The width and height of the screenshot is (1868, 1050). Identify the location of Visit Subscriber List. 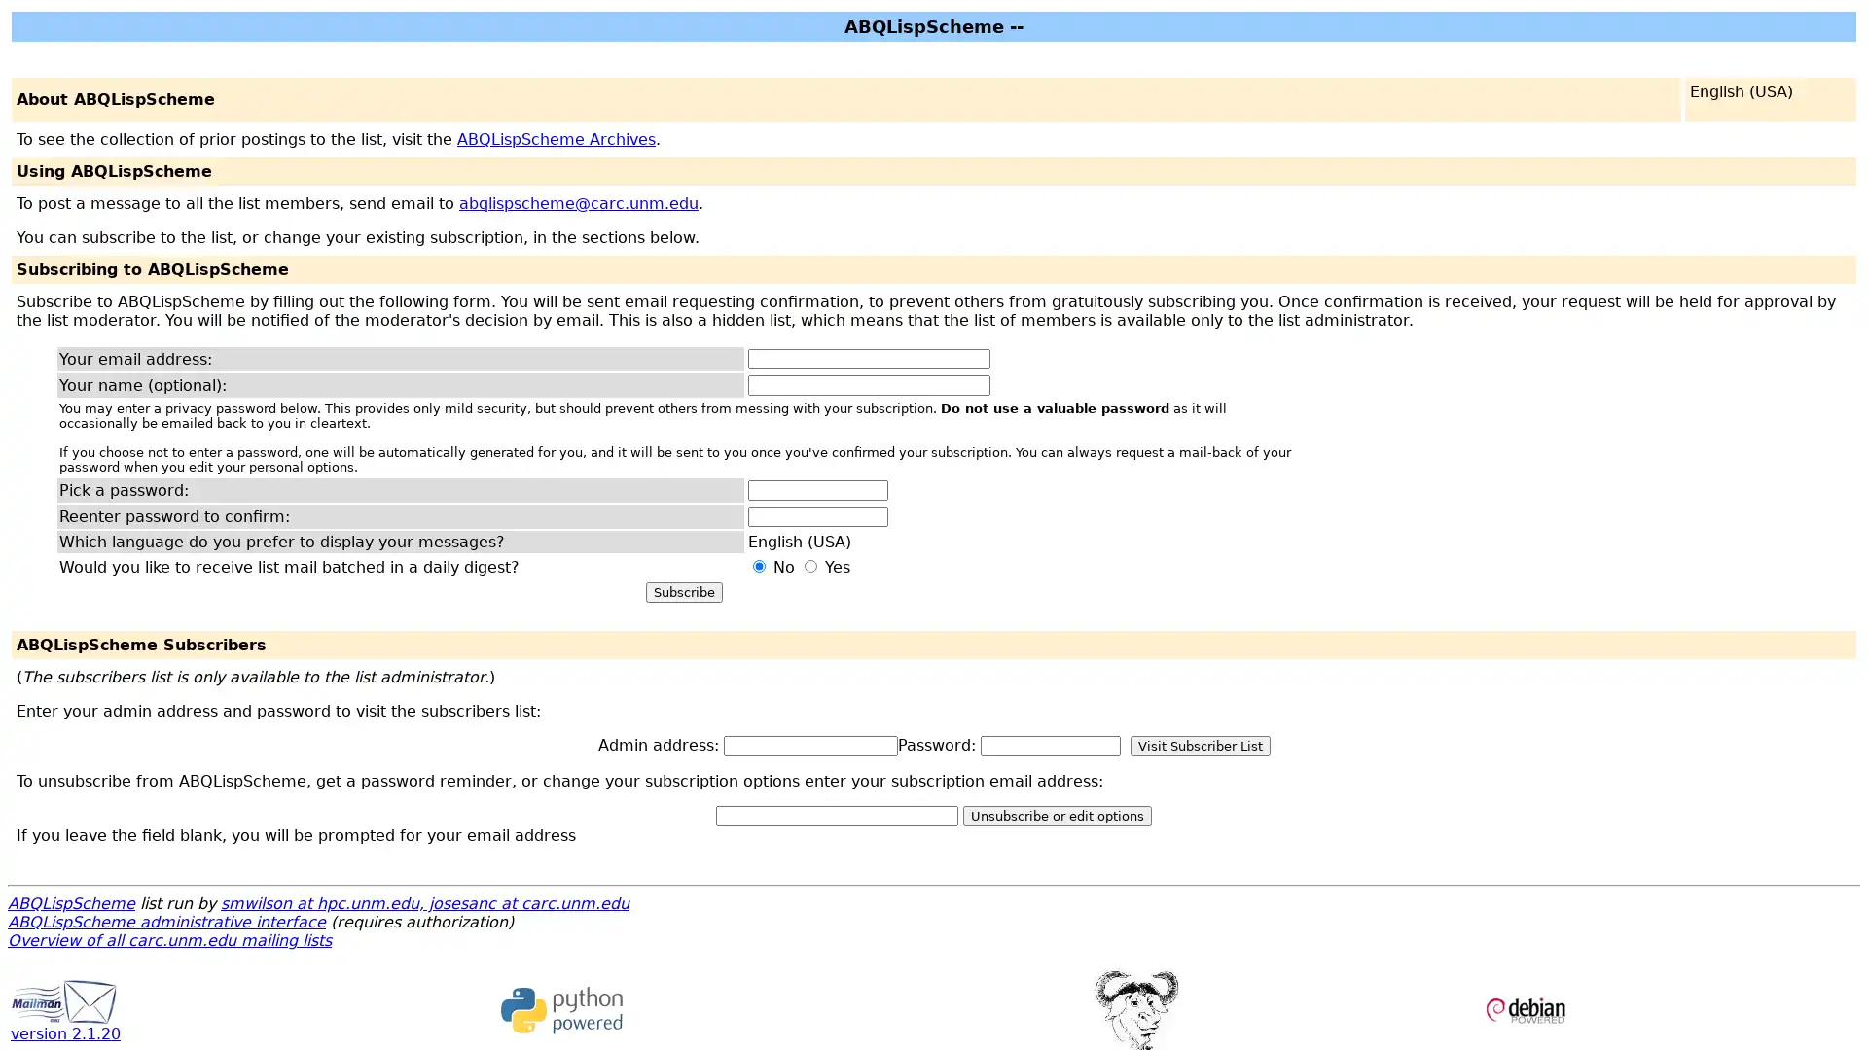
(1199, 745).